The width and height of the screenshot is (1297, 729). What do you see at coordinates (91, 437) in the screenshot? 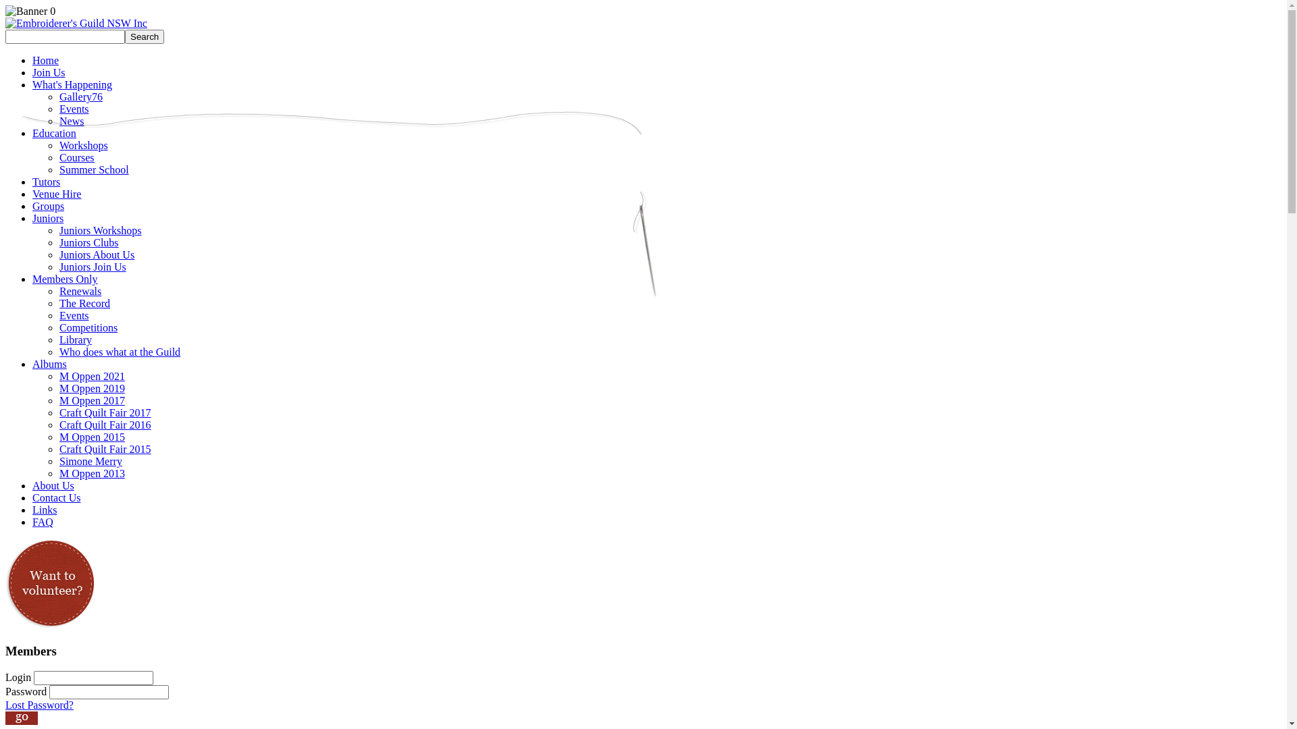
I see `'M Oppen 2015'` at bounding box center [91, 437].